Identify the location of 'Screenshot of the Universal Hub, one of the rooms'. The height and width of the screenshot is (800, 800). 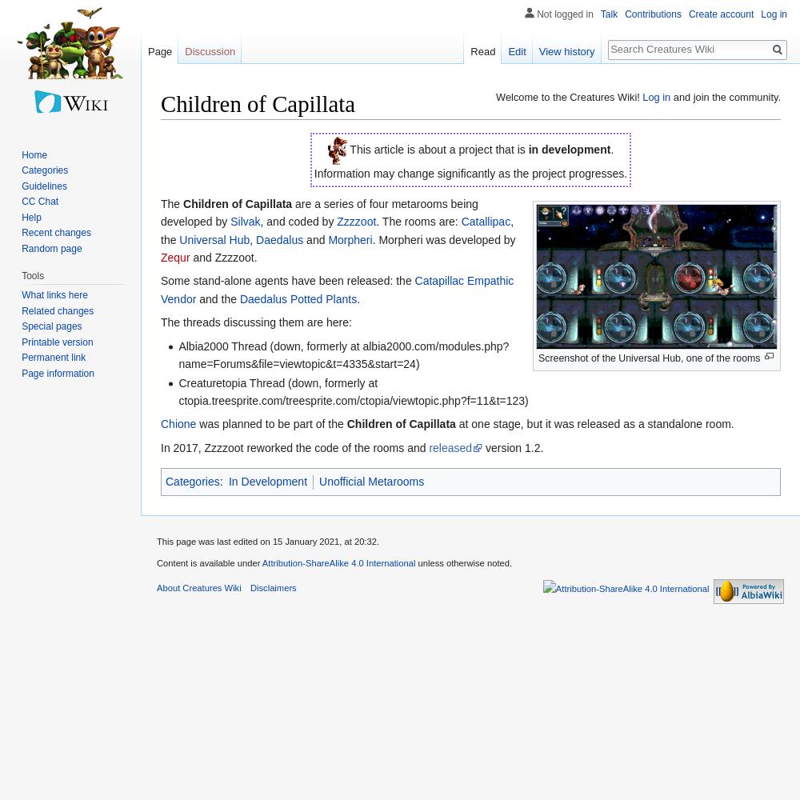
(649, 357).